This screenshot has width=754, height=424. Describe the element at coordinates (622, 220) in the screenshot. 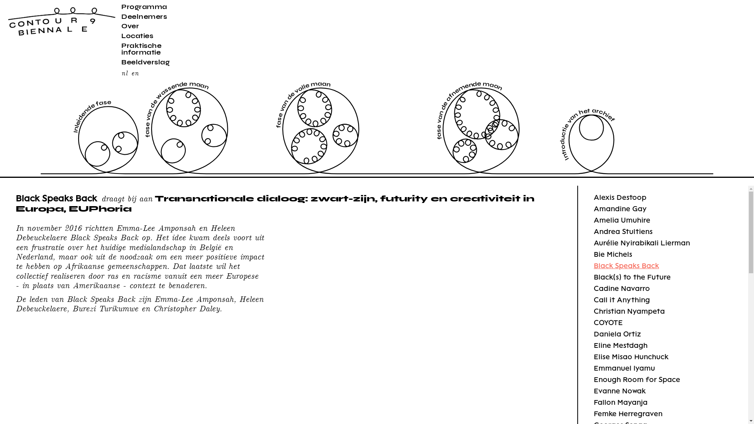

I see `'Amelia Umuhire'` at that location.